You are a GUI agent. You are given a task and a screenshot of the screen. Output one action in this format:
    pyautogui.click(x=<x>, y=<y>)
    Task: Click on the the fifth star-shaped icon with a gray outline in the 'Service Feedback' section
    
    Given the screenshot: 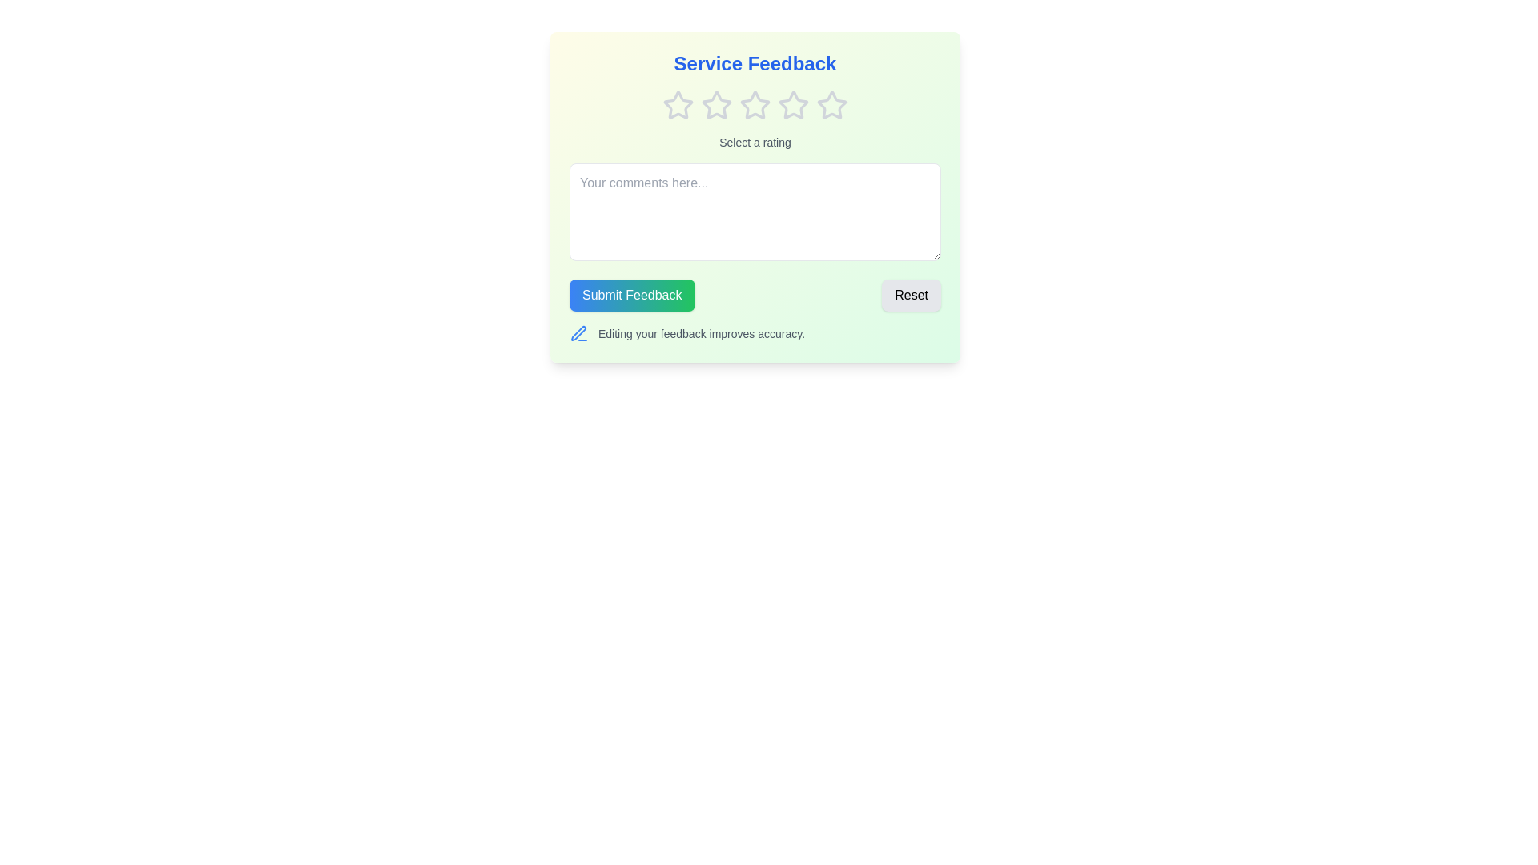 What is the action you would take?
    pyautogui.click(x=831, y=105)
    